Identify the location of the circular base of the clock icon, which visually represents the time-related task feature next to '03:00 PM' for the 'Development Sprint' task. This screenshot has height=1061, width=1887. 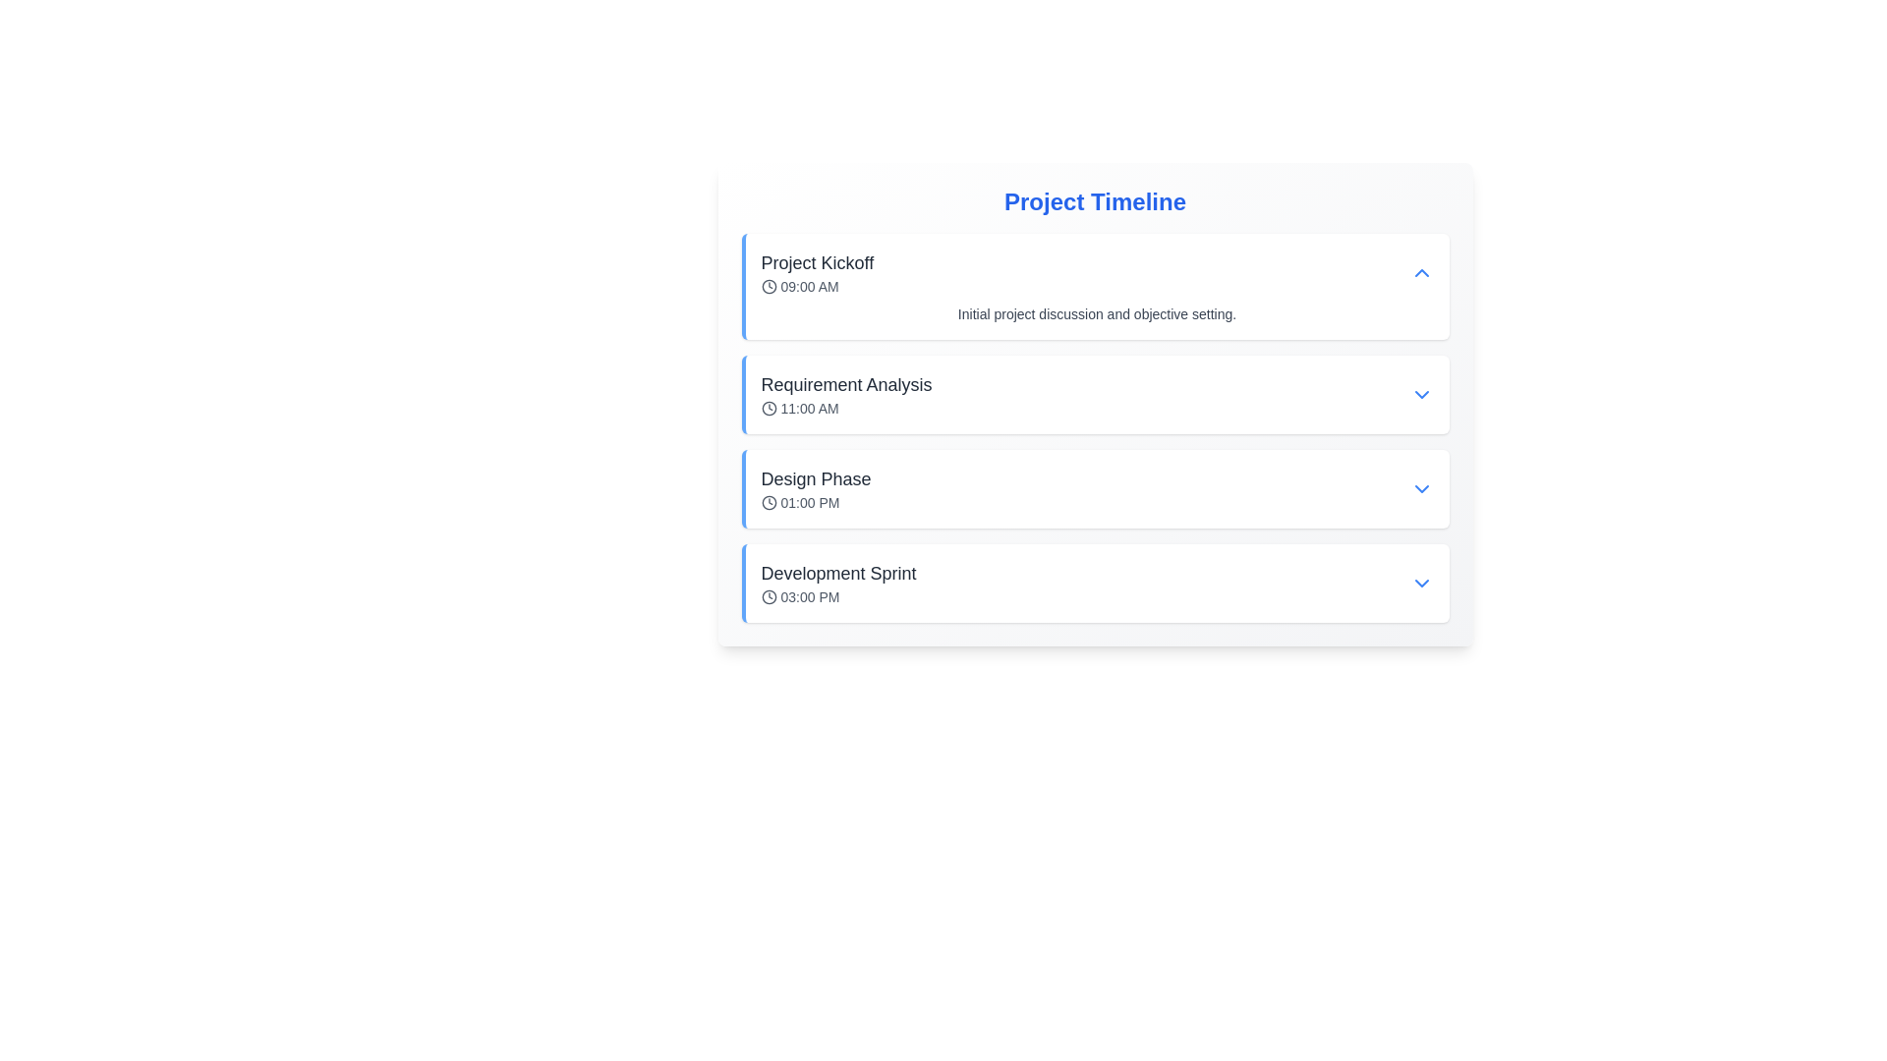
(768, 596).